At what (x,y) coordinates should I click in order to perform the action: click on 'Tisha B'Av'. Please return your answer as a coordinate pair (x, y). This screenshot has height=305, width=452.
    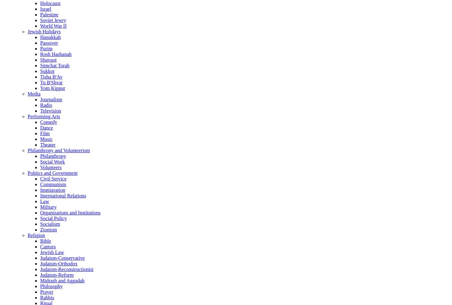
    Looking at the image, I should click on (51, 76).